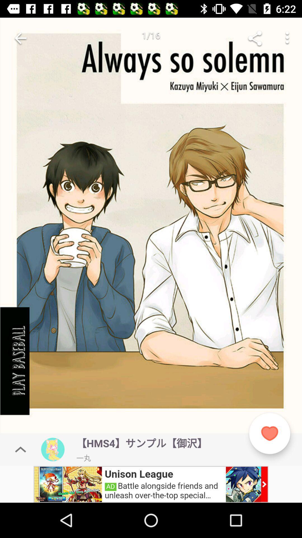 This screenshot has width=302, height=538. Describe the element at coordinates (255, 38) in the screenshot. I see `share` at that location.